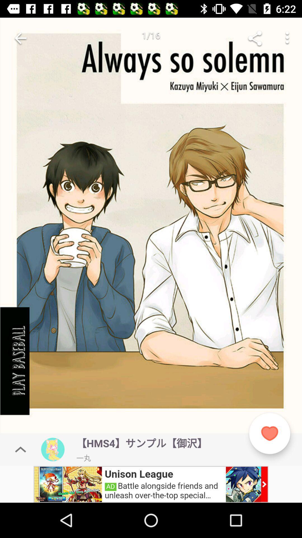 This screenshot has width=302, height=538. Describe the element at coordinates (255, 38) in the screenshot. I see `share` at that location.